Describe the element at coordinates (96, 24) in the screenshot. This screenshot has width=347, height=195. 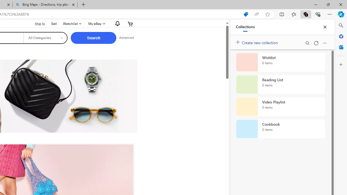
I see `'My eBayExpand My eBay'` at that location.